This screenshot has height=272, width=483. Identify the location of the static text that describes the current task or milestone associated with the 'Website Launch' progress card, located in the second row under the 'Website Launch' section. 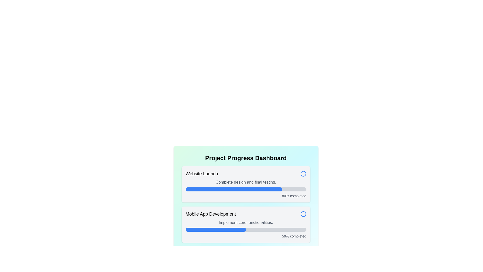
(246, 182).